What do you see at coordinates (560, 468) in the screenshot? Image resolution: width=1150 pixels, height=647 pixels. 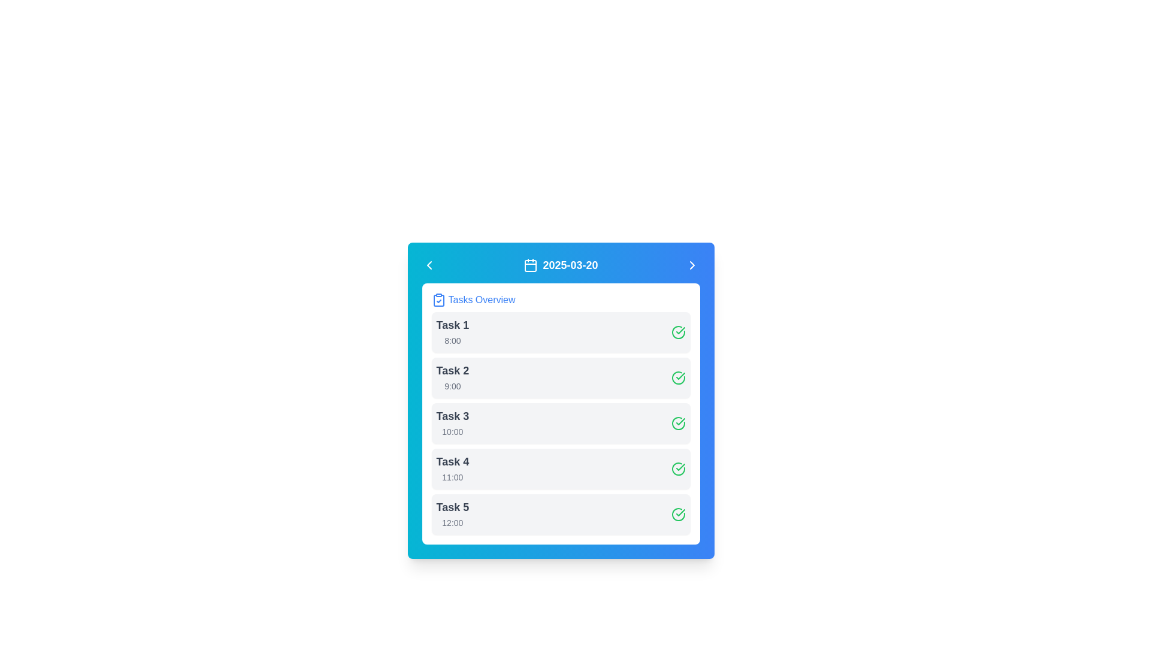 I see `the List item displaying 'Task 4' scheduled for '11:00'` at bounding box center [560, 468].